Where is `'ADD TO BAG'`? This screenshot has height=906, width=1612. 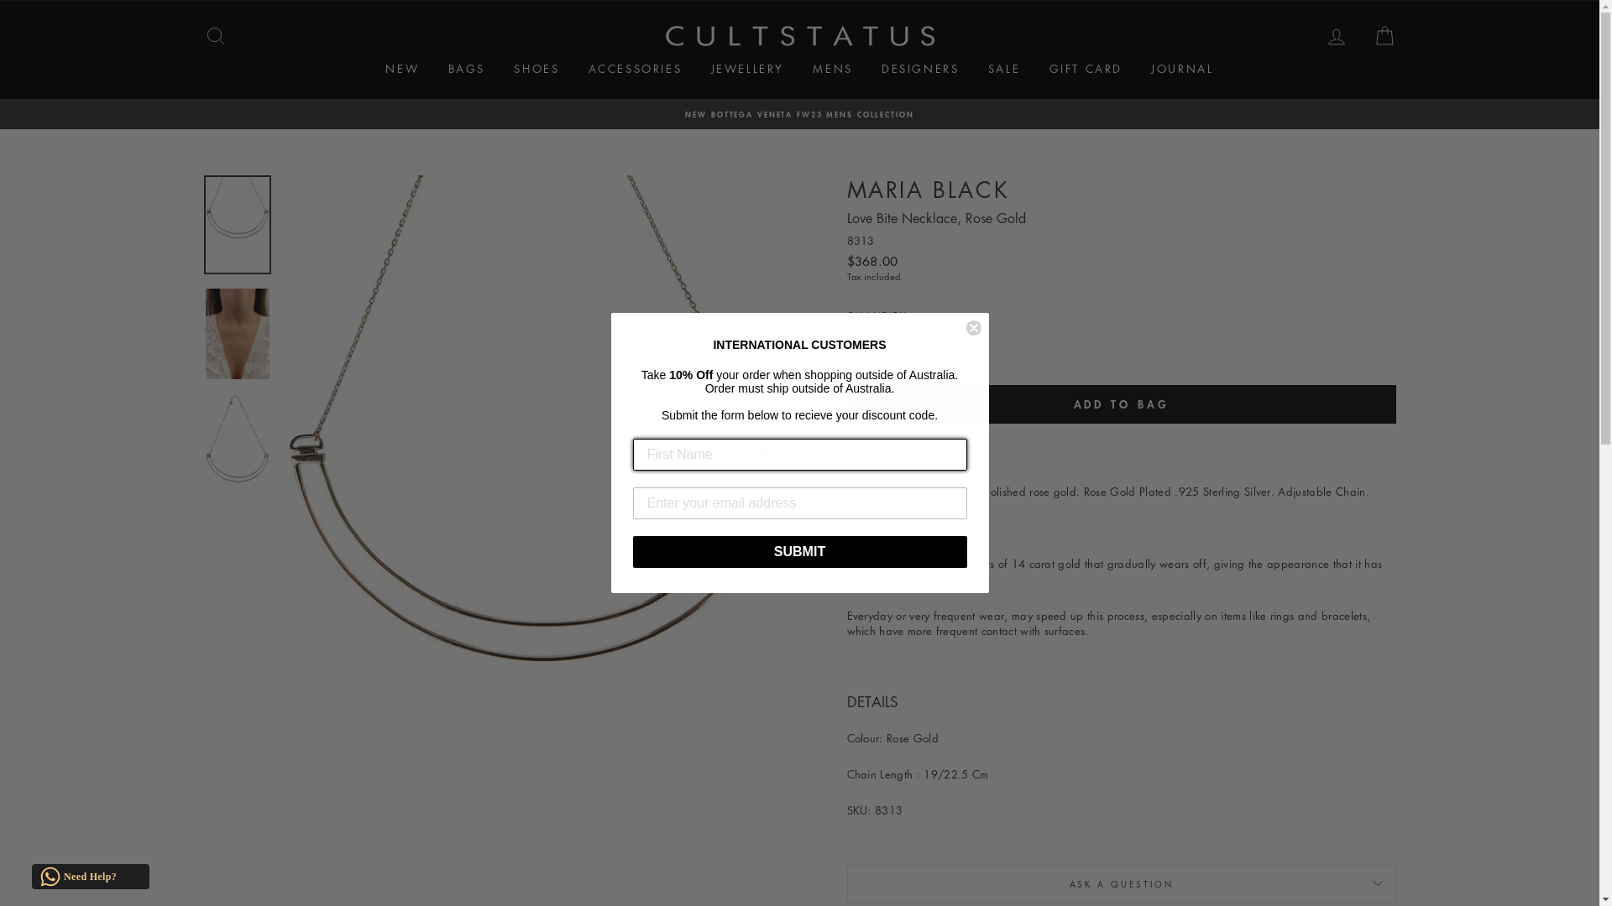
'ADD TO BAG' is located at coordinates (1120, 404).